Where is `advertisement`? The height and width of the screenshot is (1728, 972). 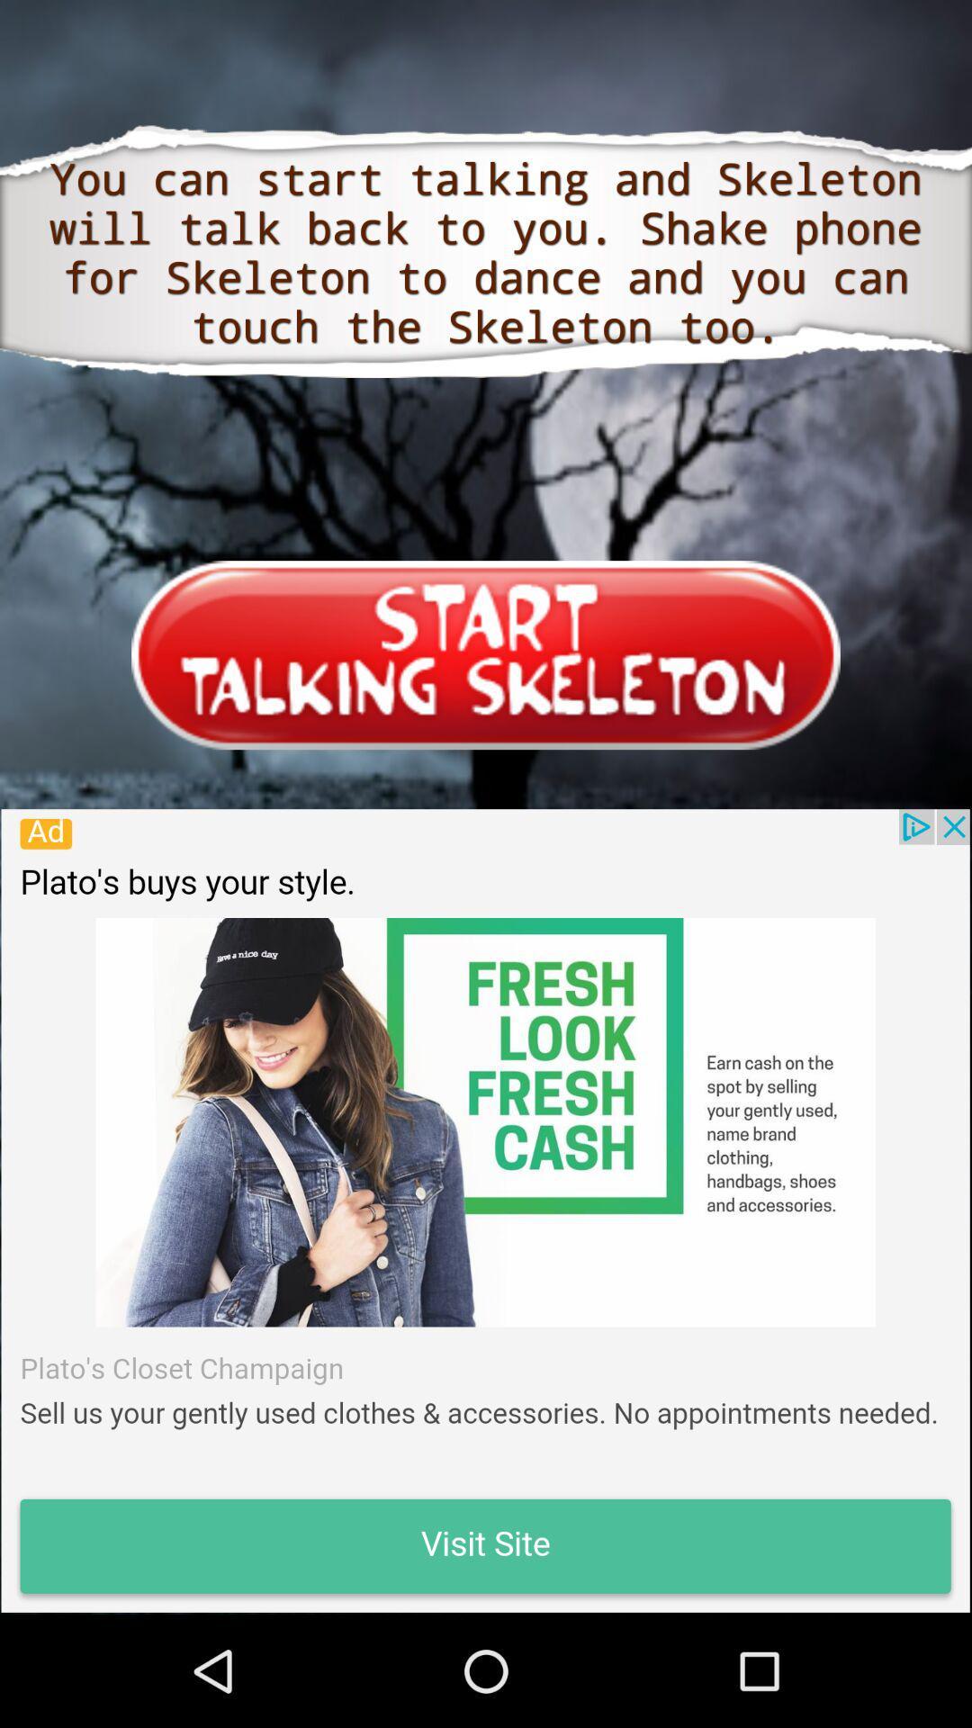
advertisement is located at coordinates (484, 1210).